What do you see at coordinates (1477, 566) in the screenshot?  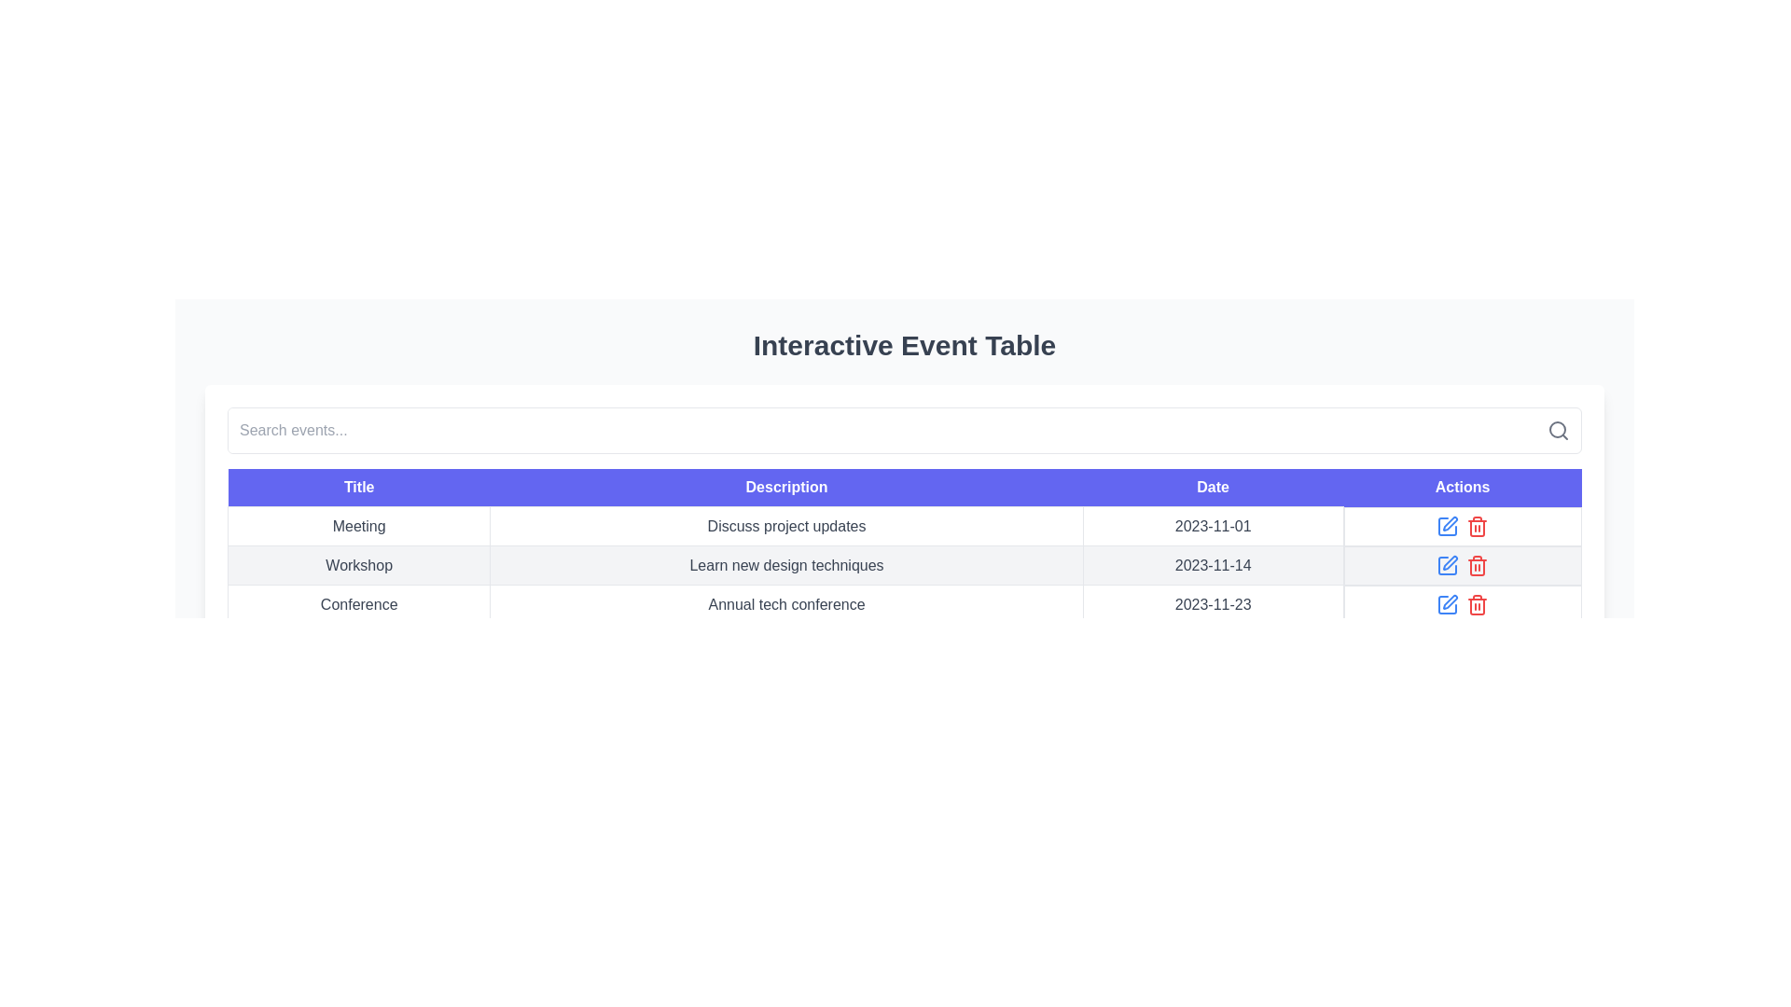 I see `the delete icon button located in the third row of the 'Actions' column in the table, which is positioned next to an edit icon` at bounding box center [1477, 566].